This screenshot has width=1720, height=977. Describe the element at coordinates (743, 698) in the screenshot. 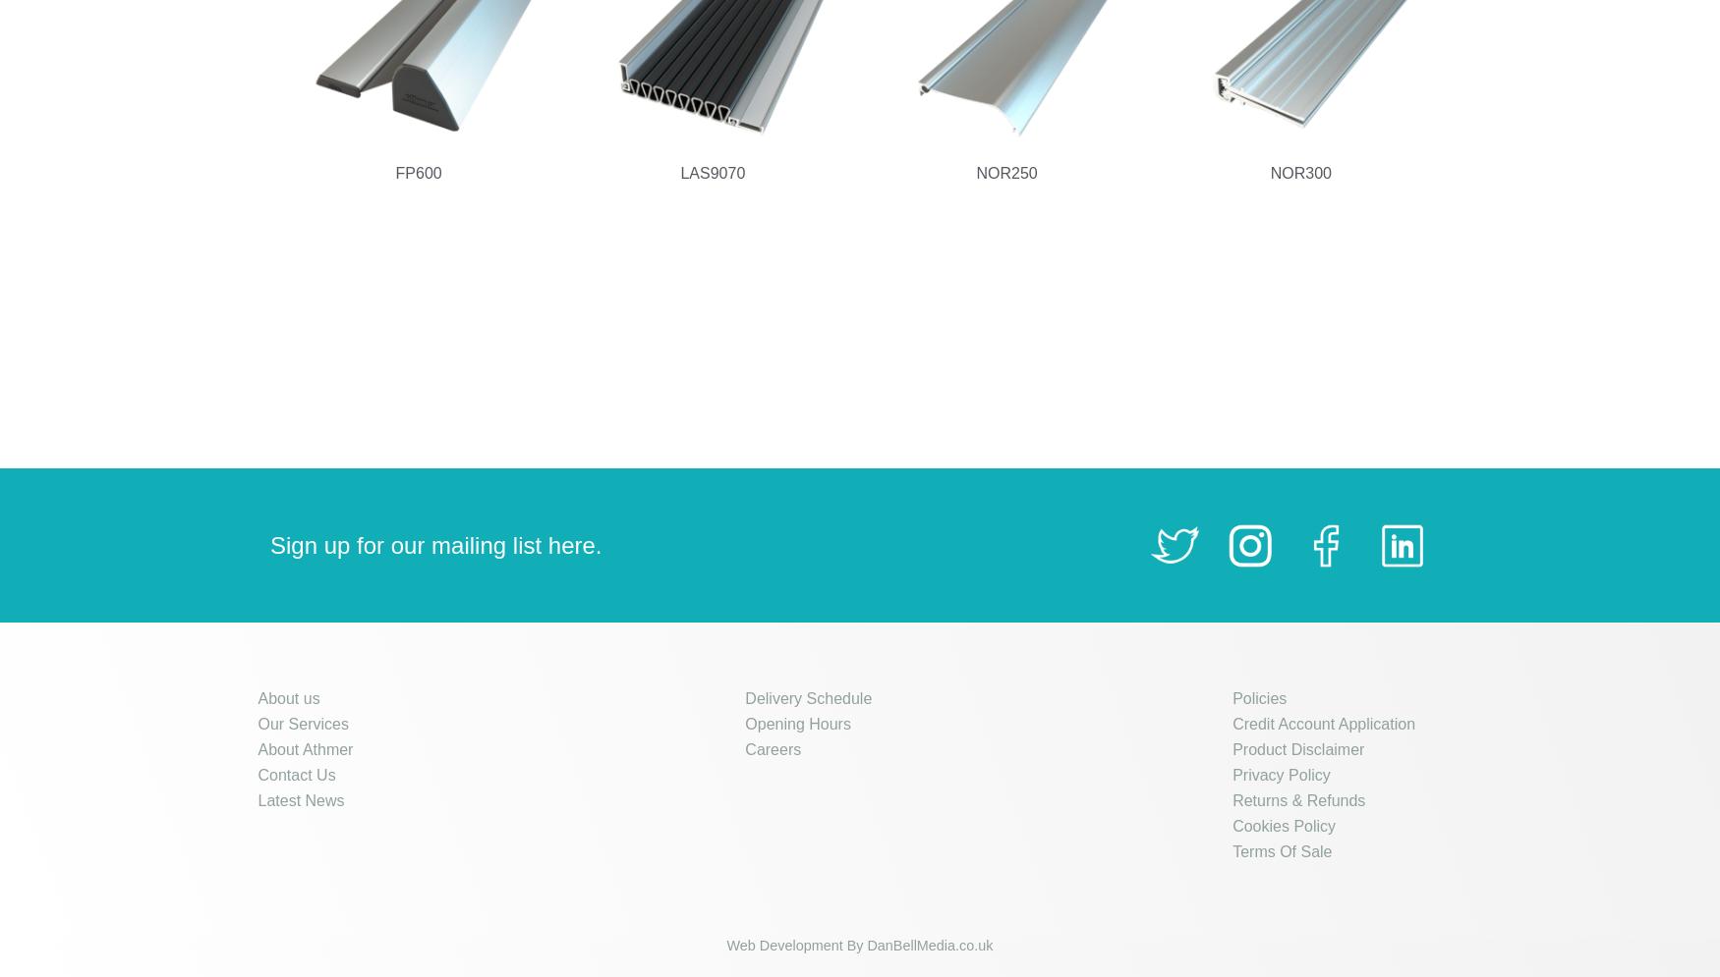

I see `'Delivery Schedule'` at that location.